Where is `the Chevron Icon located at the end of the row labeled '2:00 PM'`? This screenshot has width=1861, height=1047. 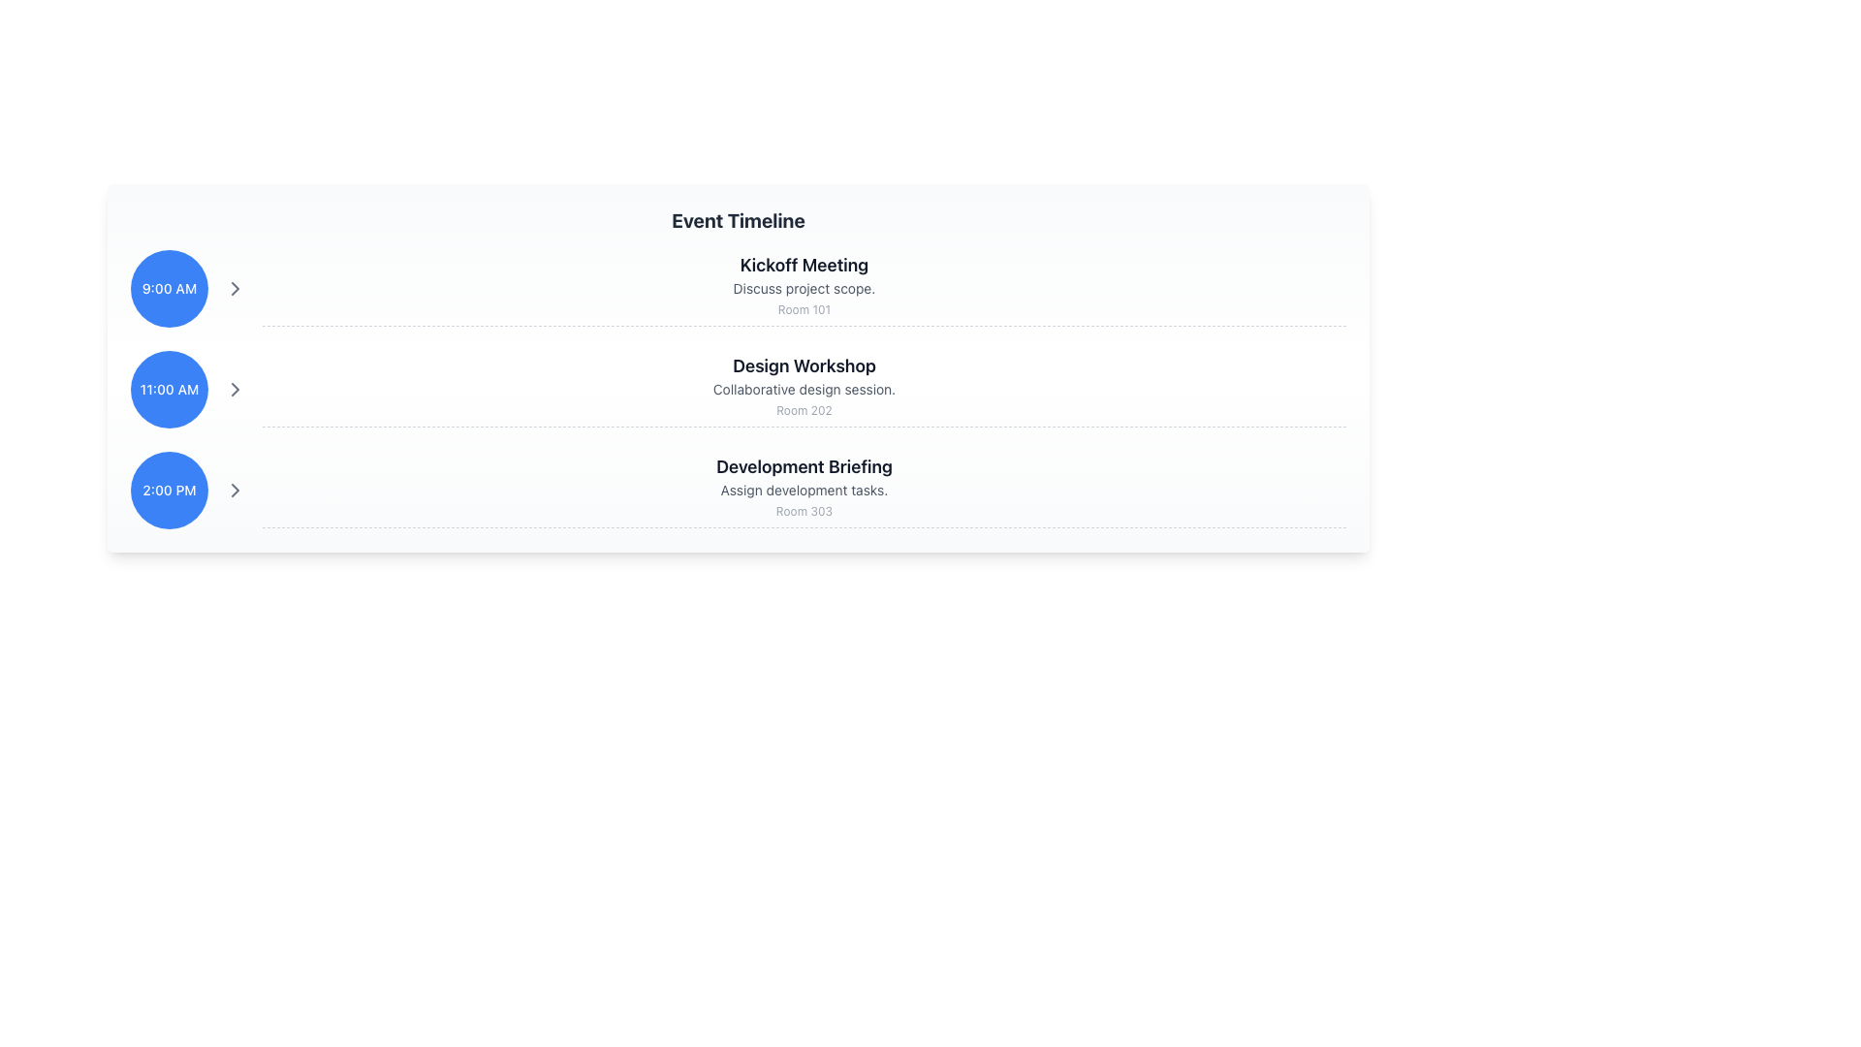
the Chevron Icon located at the end of the row labeled '2:00 PM' is located at coordinates (235, 489).